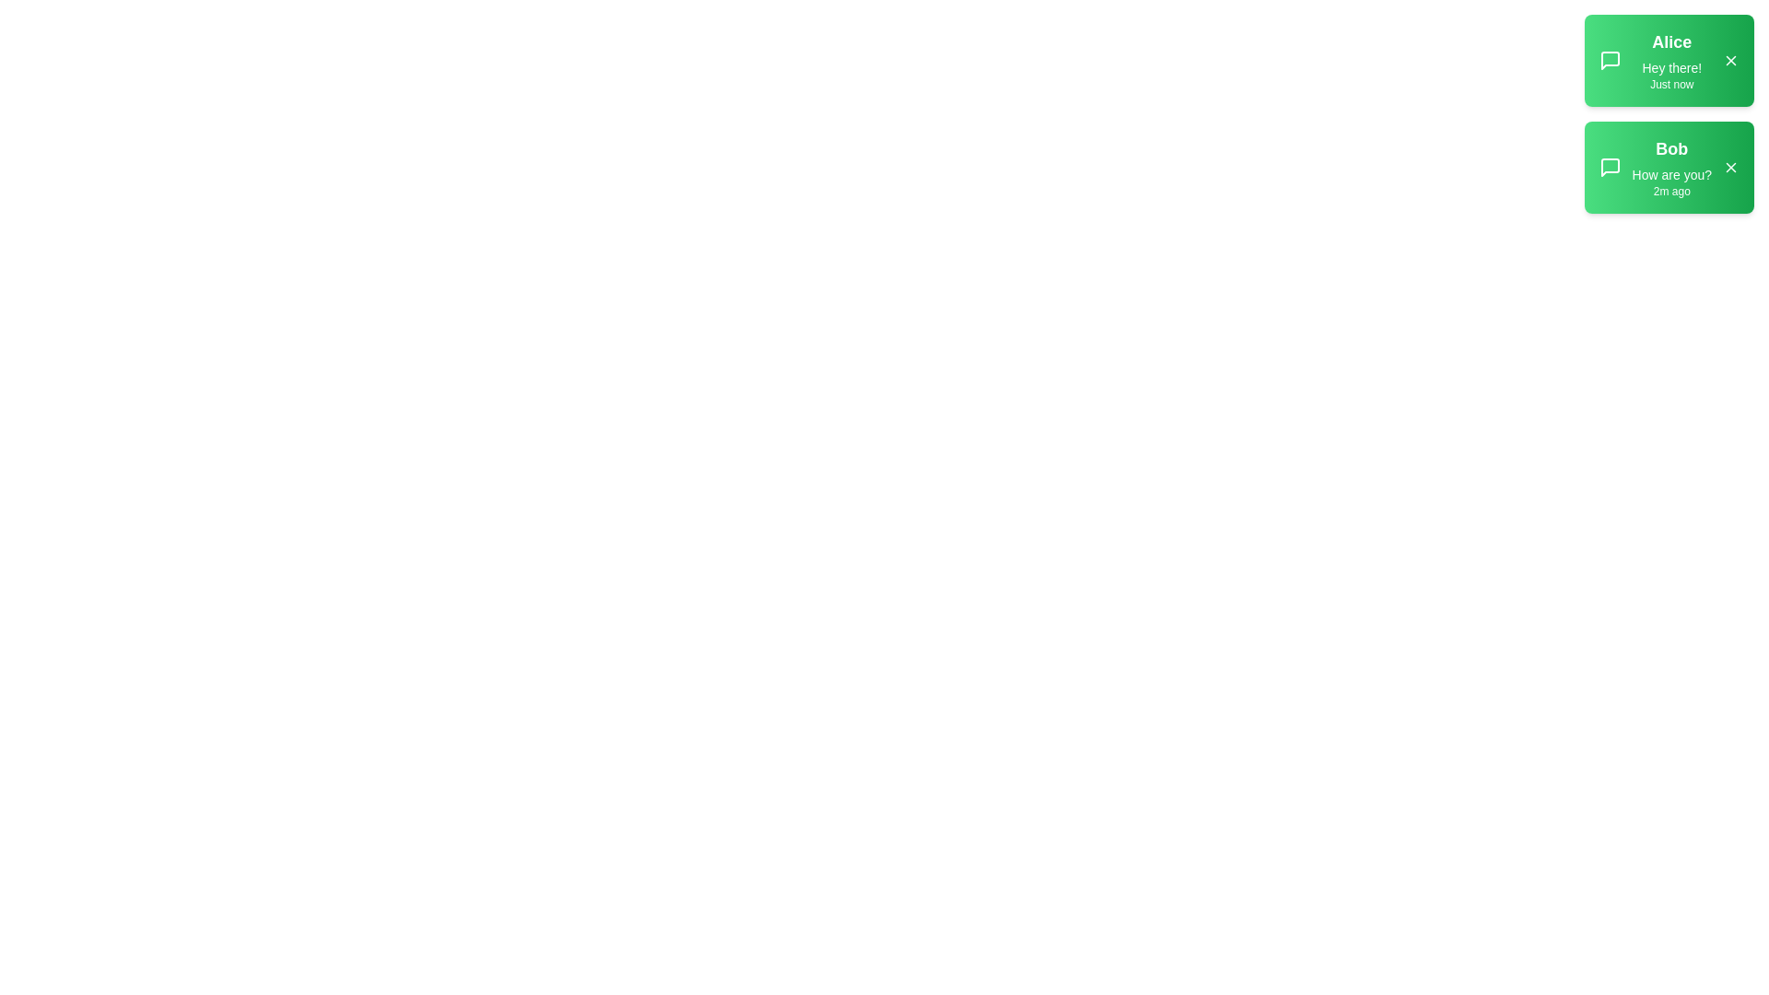  I want to click on the details of the notification from Bob, so click(1669, 167).